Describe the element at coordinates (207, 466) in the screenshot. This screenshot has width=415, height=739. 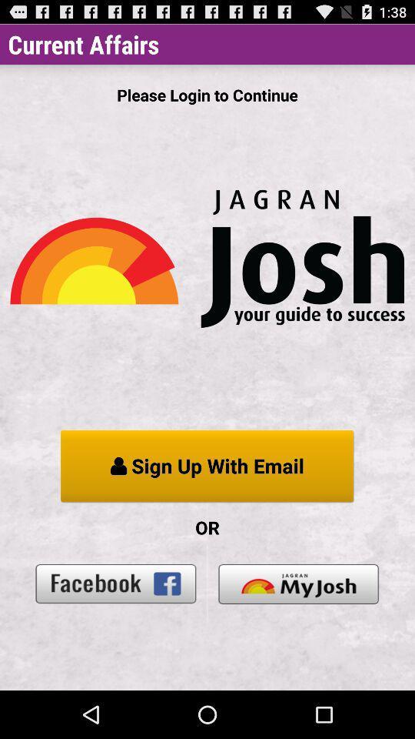
I see `the app above or item` at that location.